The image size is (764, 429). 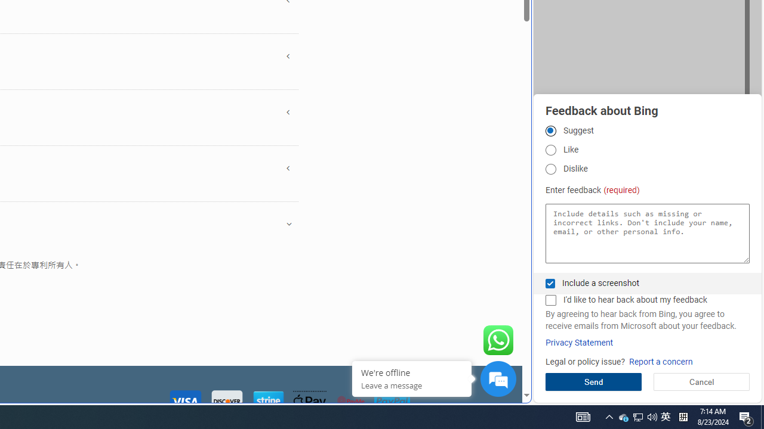 I want to click on 'Dislike', so click(x=550, y=169).